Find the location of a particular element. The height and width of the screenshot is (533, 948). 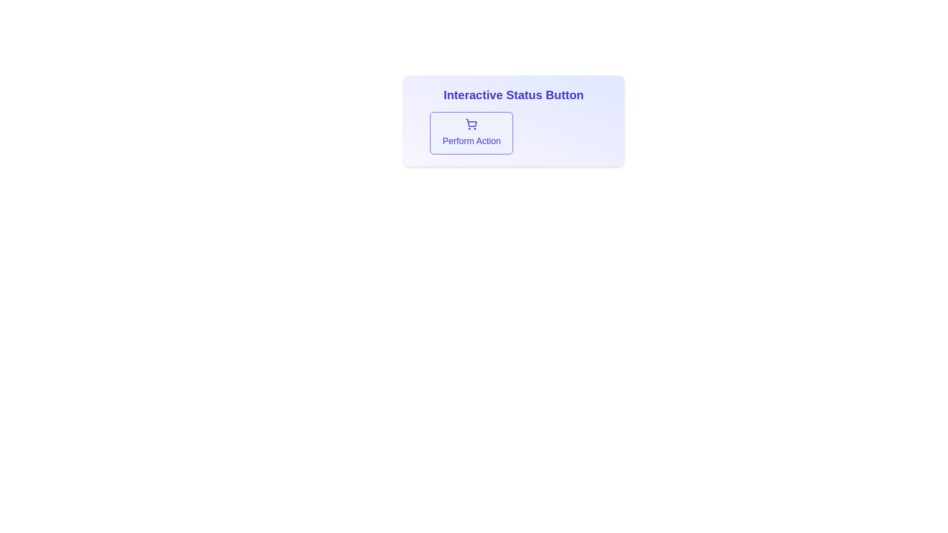

the innermost SVG Circle that serves as an alert or status indicator, located within the 'Interactive Status Button' section, near the top right of the interface is located at coordinates (527, 138).